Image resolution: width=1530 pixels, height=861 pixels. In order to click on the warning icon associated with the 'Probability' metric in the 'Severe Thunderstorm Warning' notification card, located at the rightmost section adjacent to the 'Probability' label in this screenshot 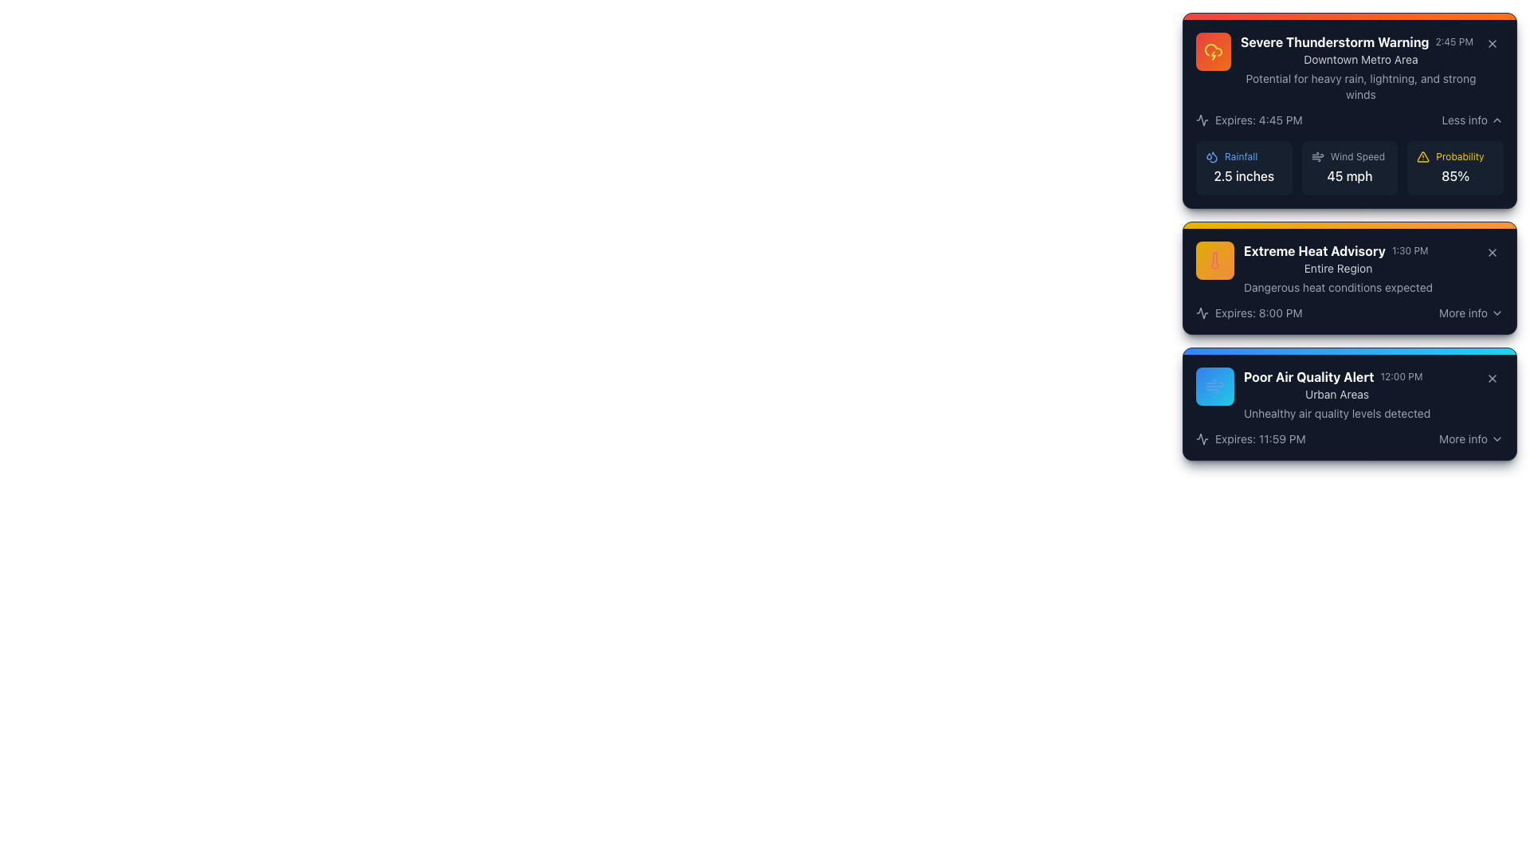, I will do `click(1423, 156)`.